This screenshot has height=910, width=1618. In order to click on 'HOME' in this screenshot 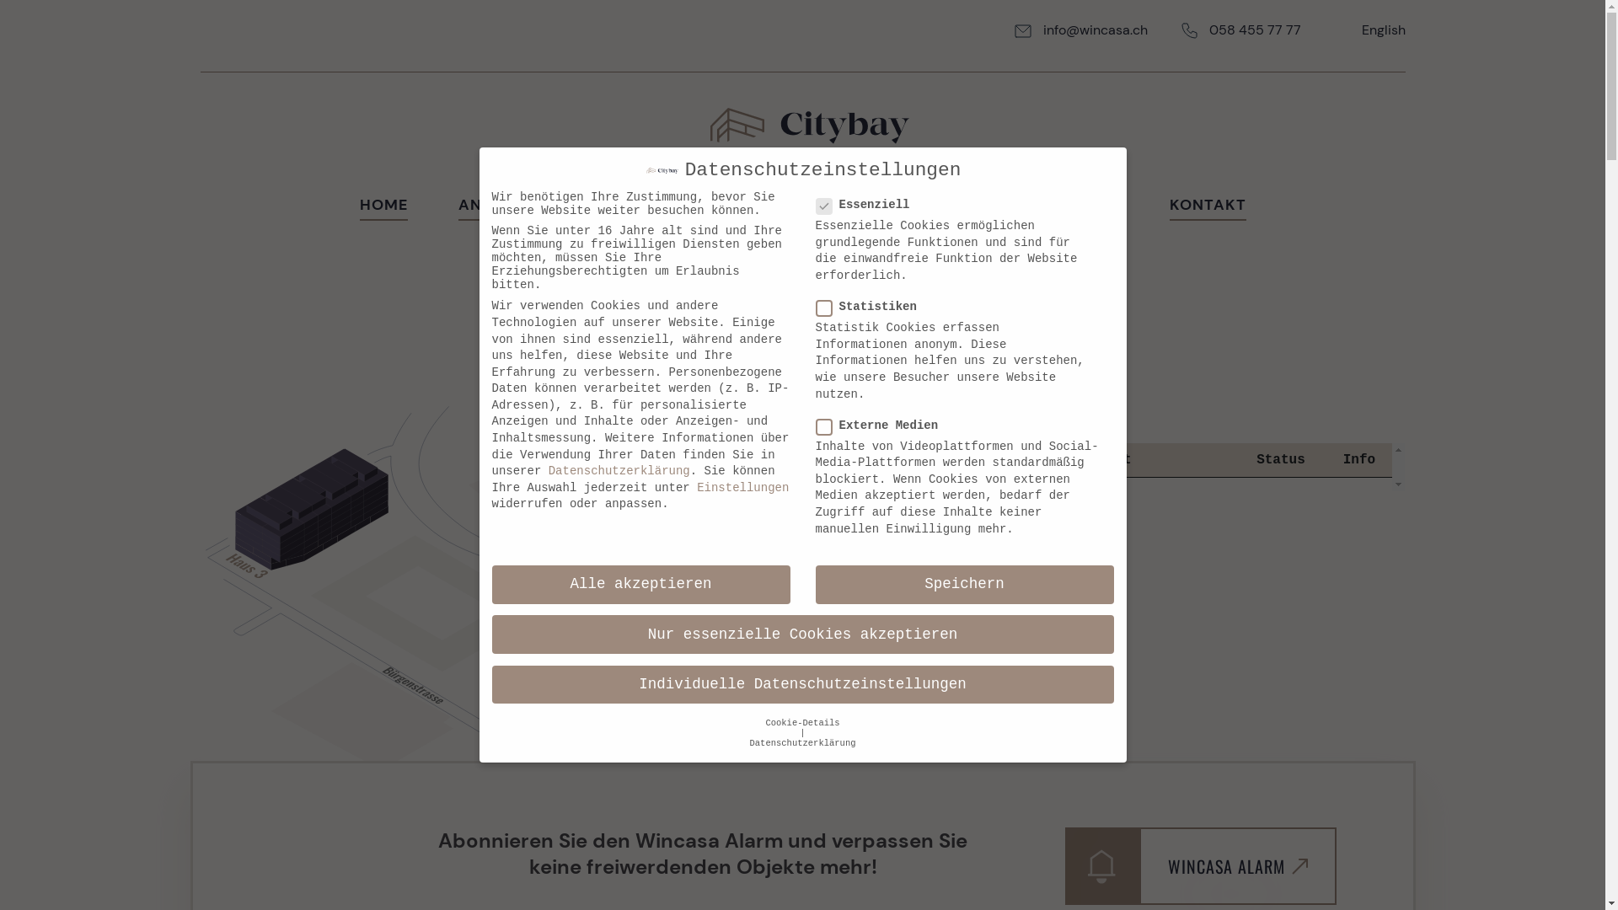, I will do `click(382, 206)`.